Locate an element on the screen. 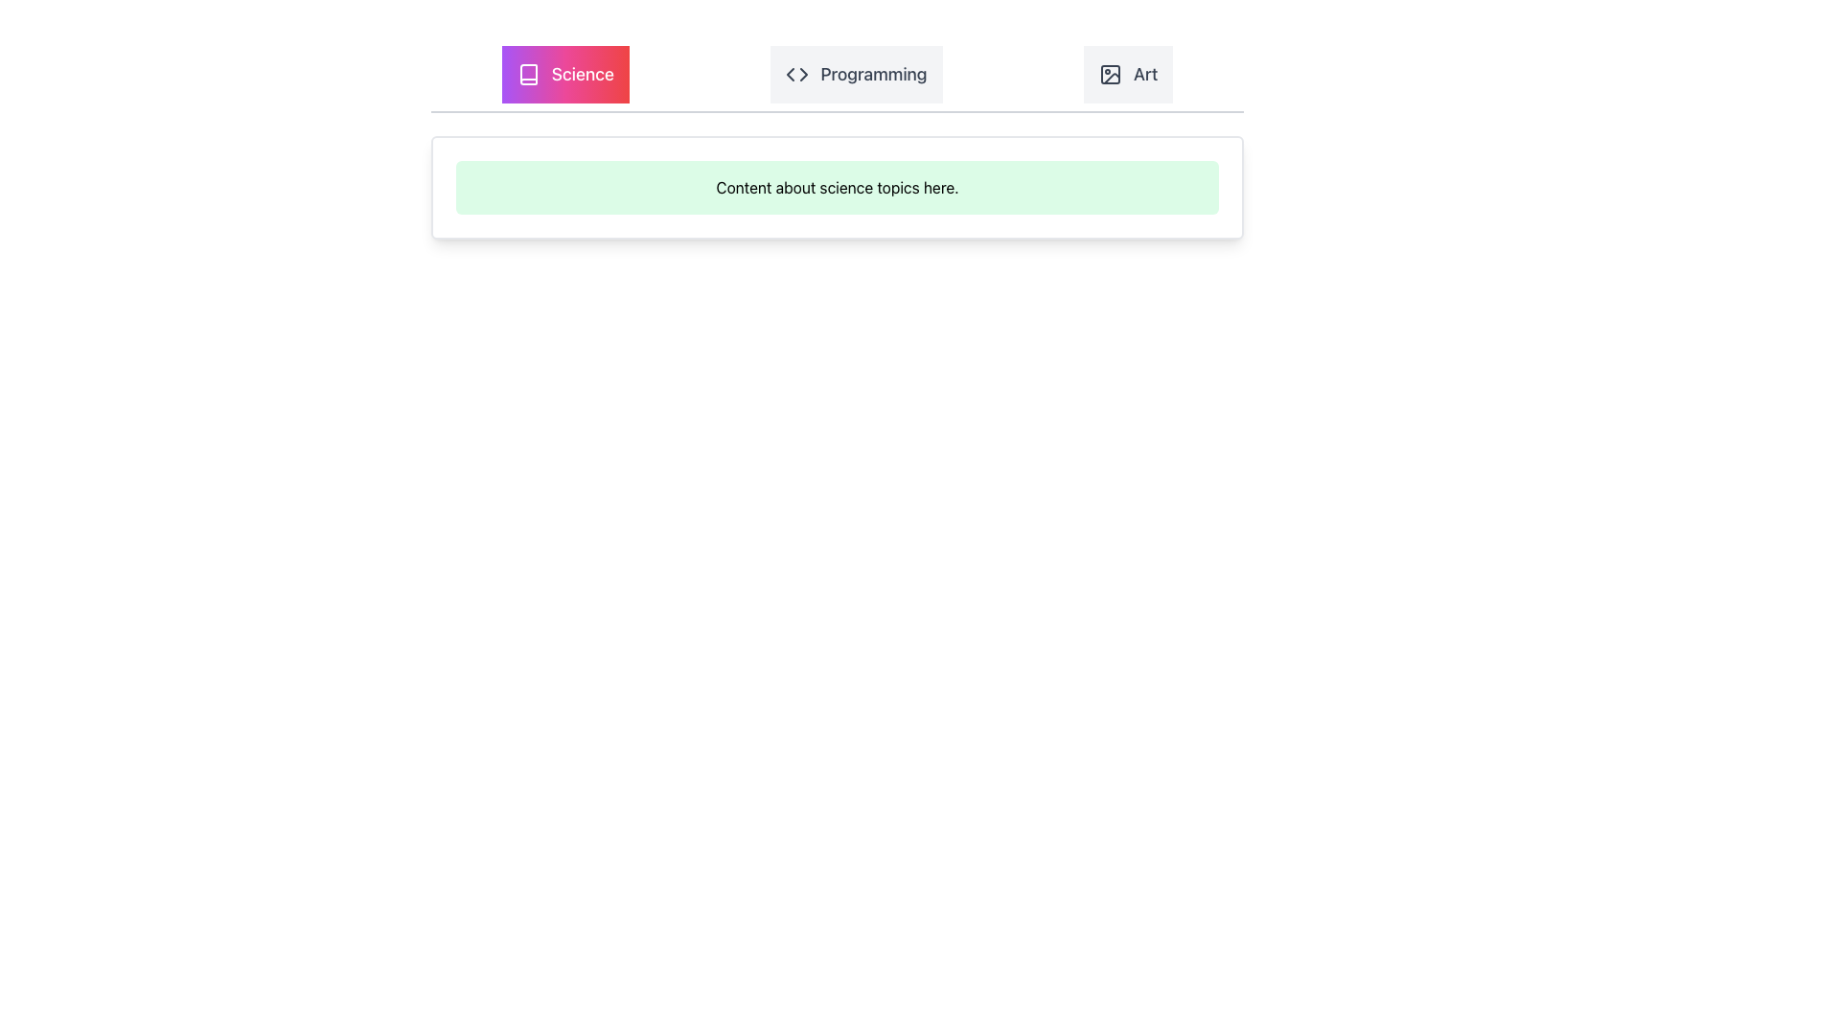  text displayed in the light green rectangular Text display block containing the phrase 'Content about science topics here.' is located at coordinates (837, 188).